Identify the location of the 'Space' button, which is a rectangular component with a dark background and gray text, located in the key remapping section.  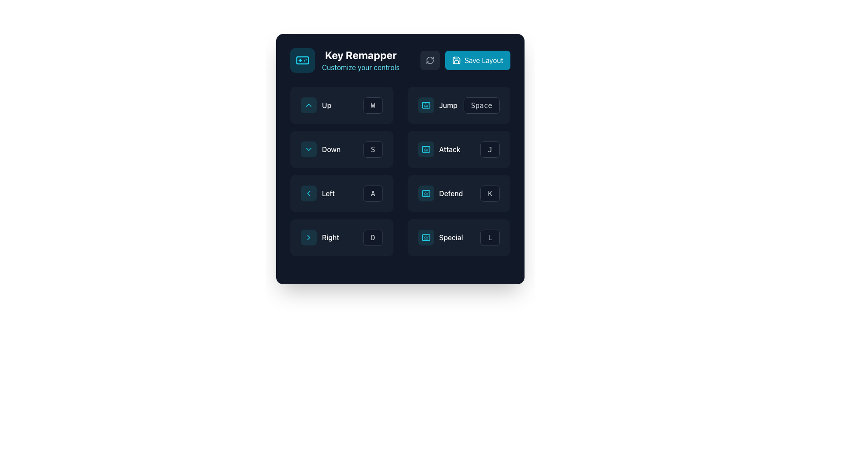
(481, 105).